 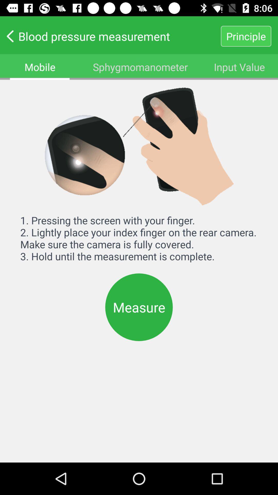 I want to click on item above input value icon, so click(x=246, y=36).